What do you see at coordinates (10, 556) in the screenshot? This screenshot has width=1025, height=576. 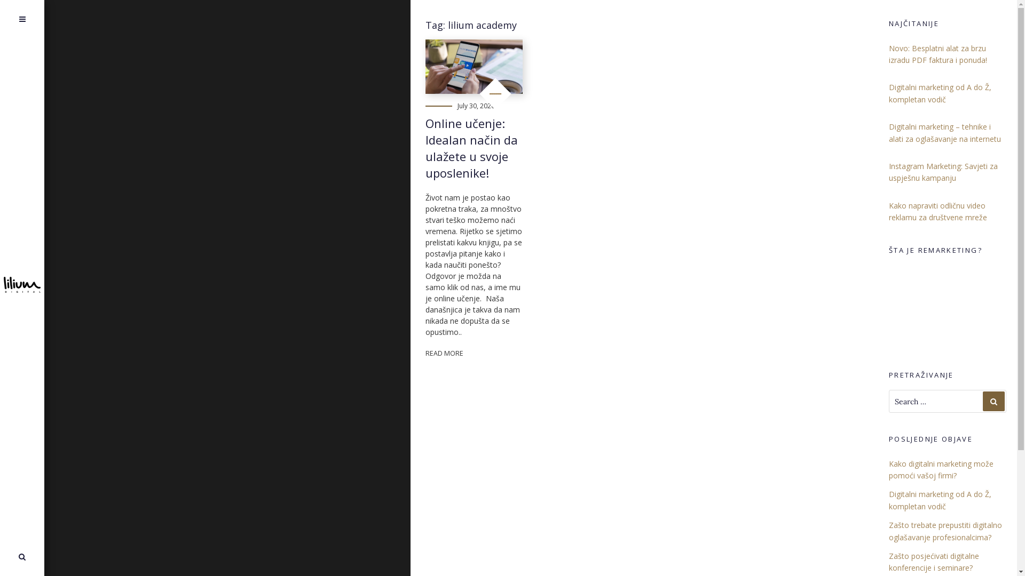 I see `'Search'` at bounding box center [10, 556].